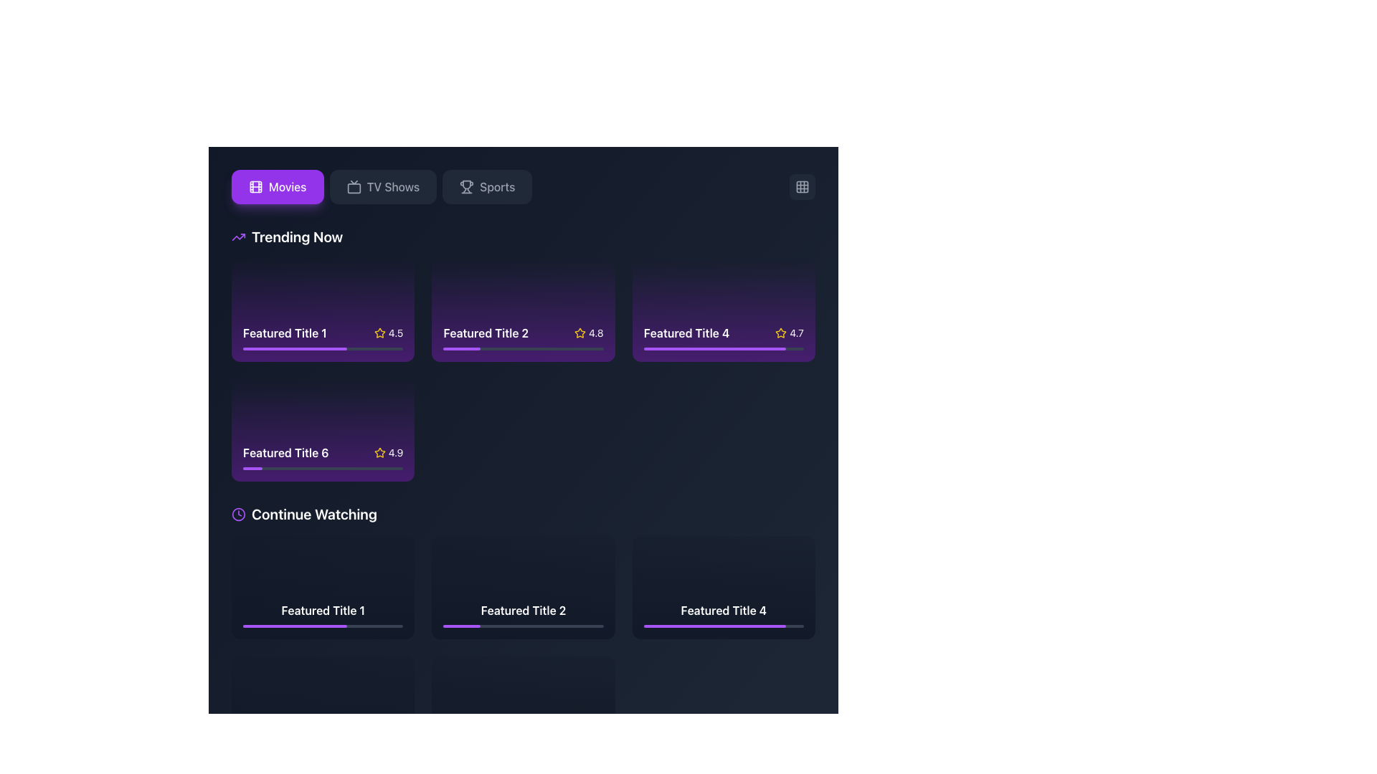 Image resolution: width=1377 pixels, height=774 pixels. What do you see at coordinates (382, 186) in the screenshot?
I see `the navigation button that switches to 'TV Shows', located between the 'Movies' button (highlighted in purple) and the 'Sports' button` at bounding box center [382, 186].